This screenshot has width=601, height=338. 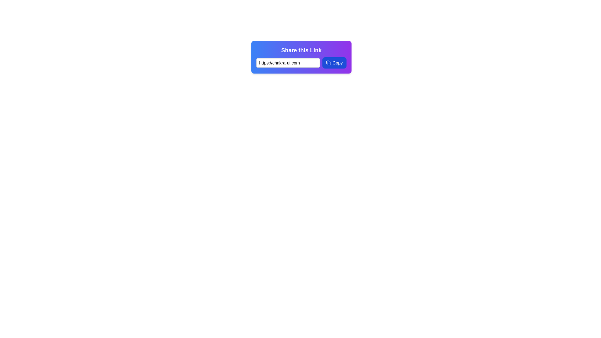 I want to click on the 'Copy' button that contains the icon on the right-hand side, which allows users to duplicate or copy the content from the adjacent input field, so click(x=328, y=63).